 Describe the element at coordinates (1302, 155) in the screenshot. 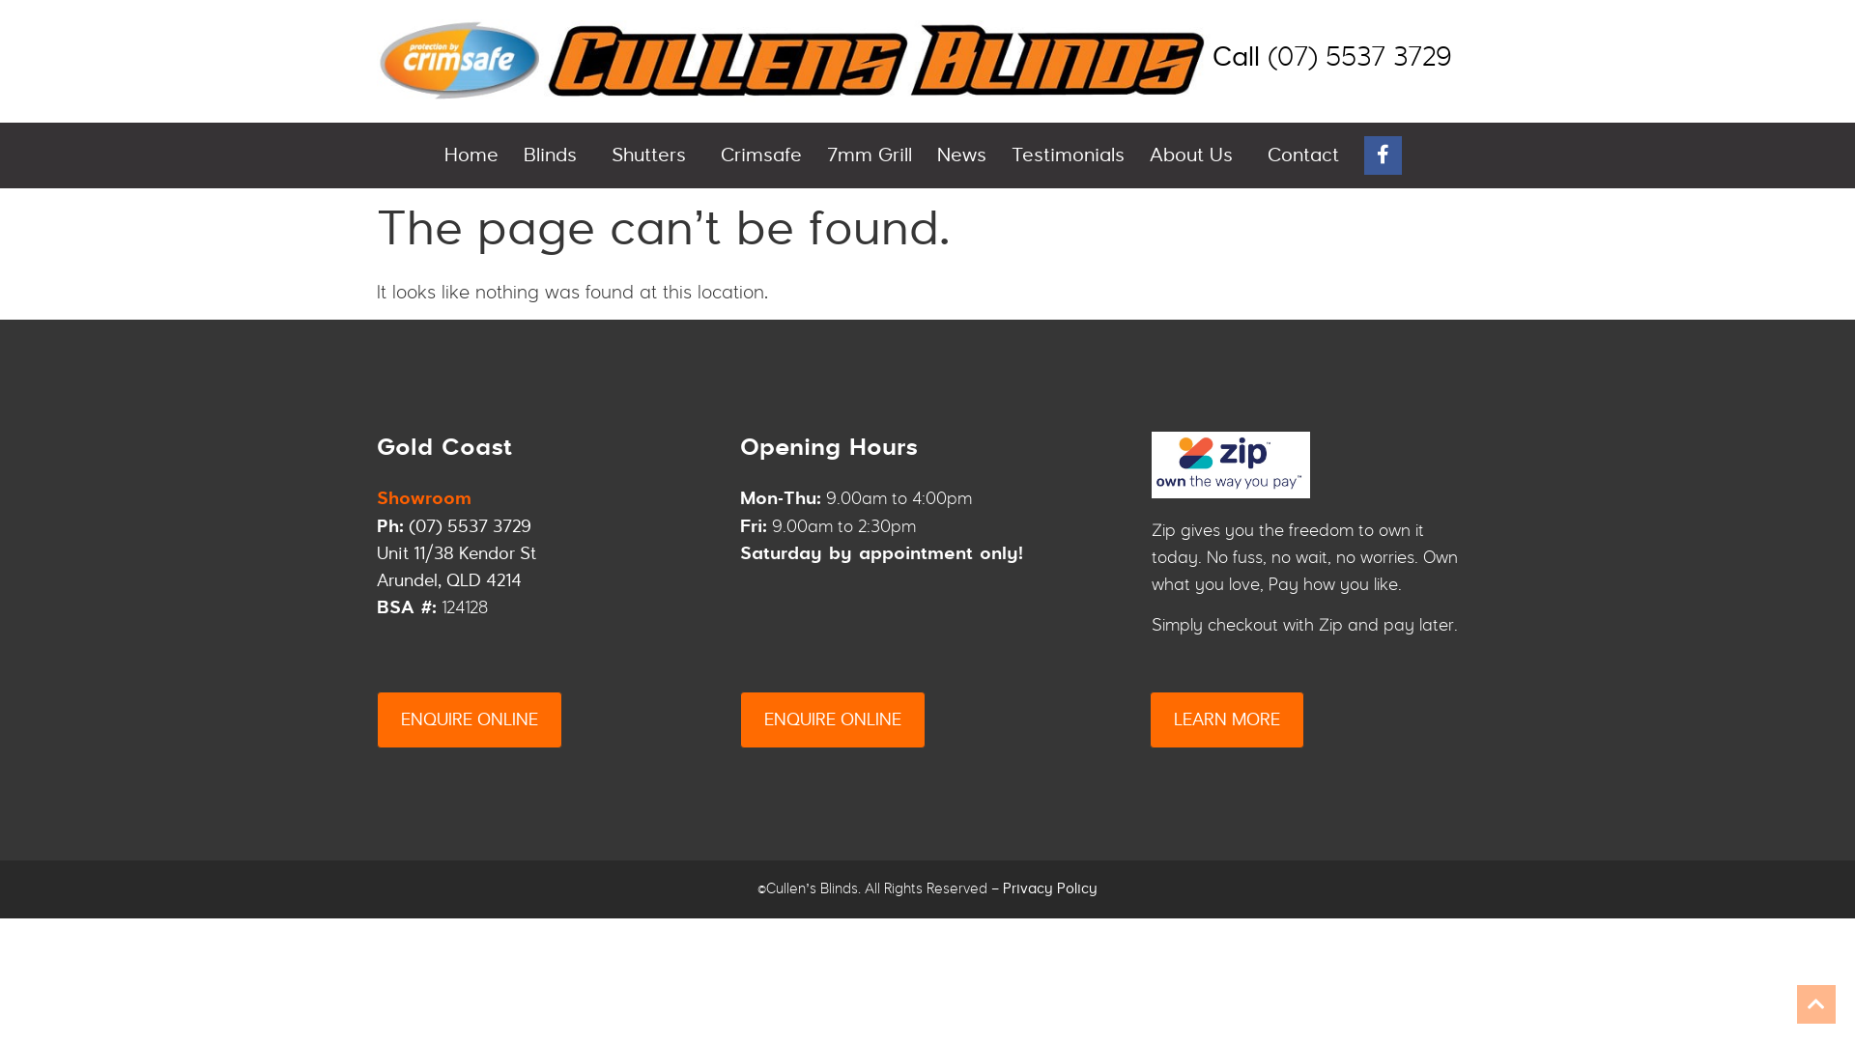

I see `'Contact'` at that location.